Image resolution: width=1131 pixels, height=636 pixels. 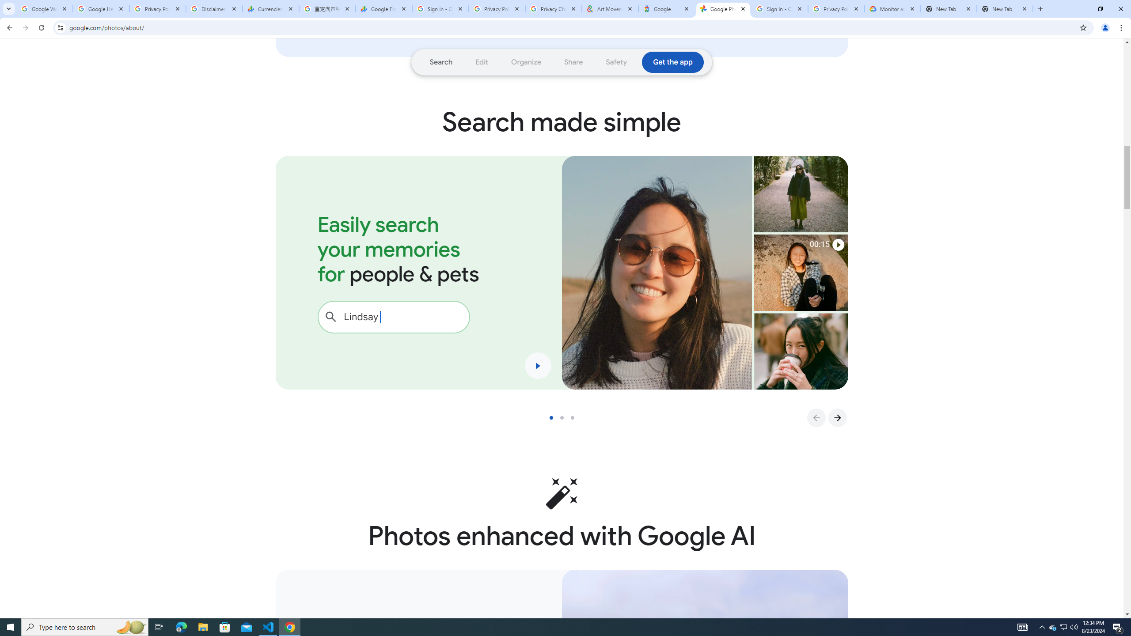 What do you see at coordinates (1005, 8) in the screenshot?
I see `'New Tab'` at bounding box center [1005, 8].